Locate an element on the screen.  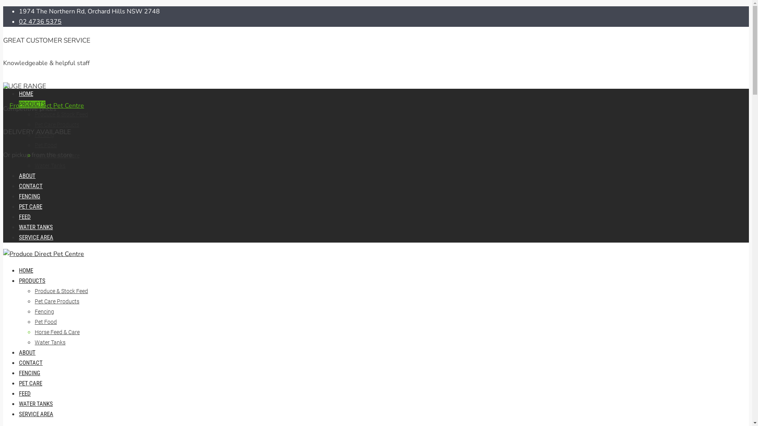
'PRODUCTS' is located at coordinates (32, 103).